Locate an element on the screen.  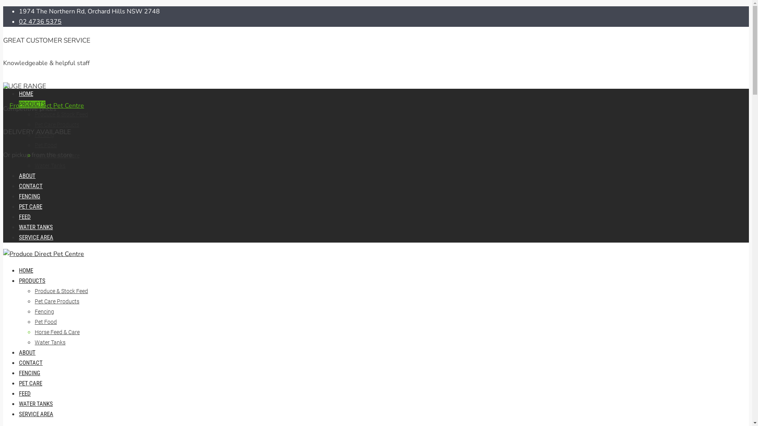
'PRODUCTS' is located at coordinates (32, 103).